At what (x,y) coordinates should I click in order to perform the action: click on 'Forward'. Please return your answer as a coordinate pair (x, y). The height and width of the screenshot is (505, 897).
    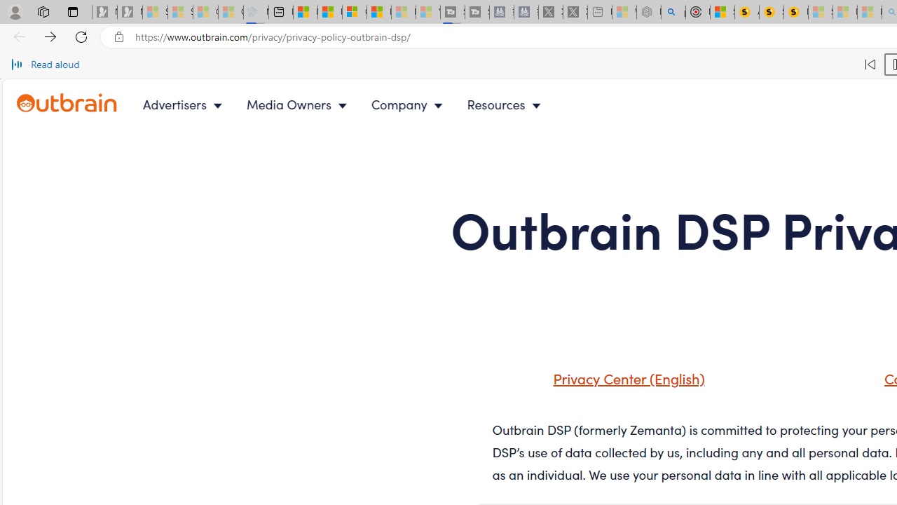
    Looking at the image, I should click on (50, 36).